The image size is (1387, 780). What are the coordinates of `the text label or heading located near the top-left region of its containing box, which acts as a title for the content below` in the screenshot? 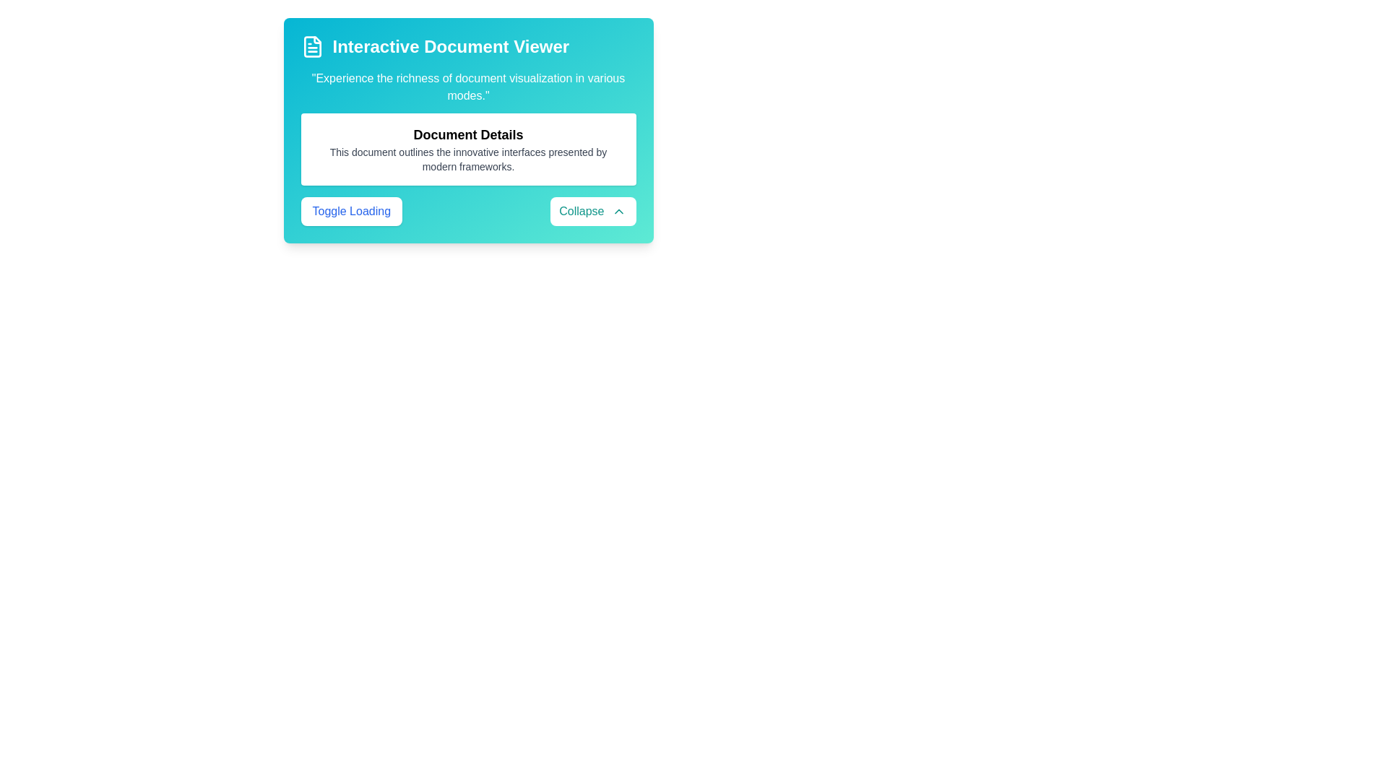 It's located at (468, 134).